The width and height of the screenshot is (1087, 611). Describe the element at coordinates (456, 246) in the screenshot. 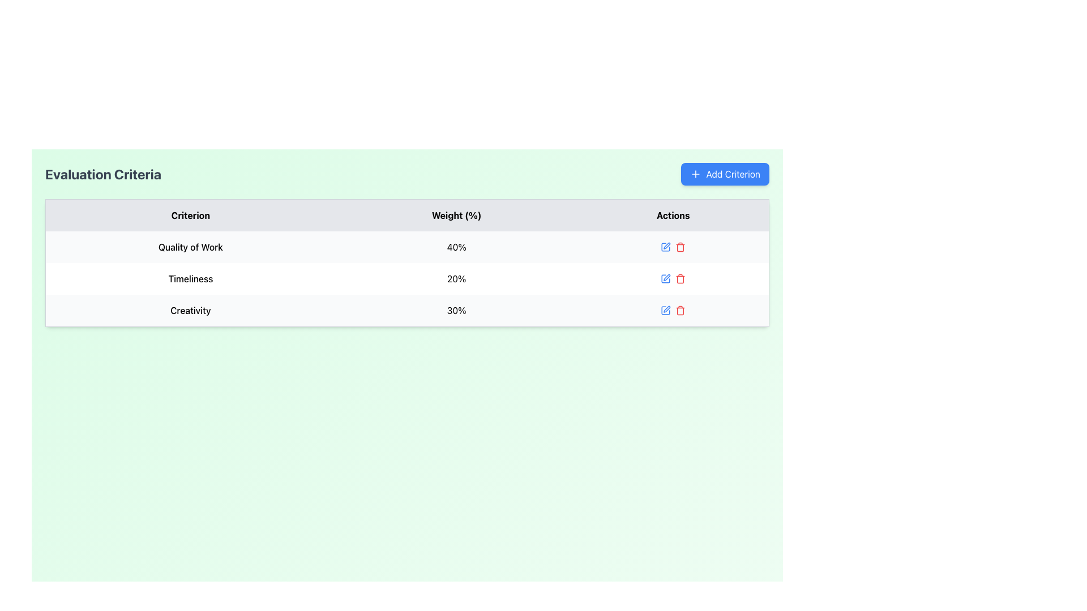

I see `the static text displaying the weight or percentage value for the 'Quality of Work' criterion in the evaluation table, located in the 'Weight (%)' column of the second row` at that location.